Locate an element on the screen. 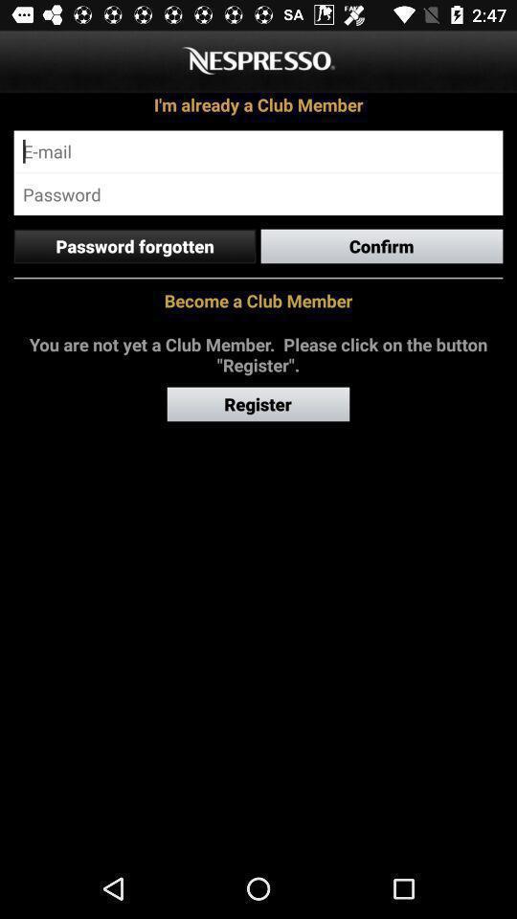 This screenshot has width=517, height=919. icon to the left of the confirm is located at coordinates (133, 245).